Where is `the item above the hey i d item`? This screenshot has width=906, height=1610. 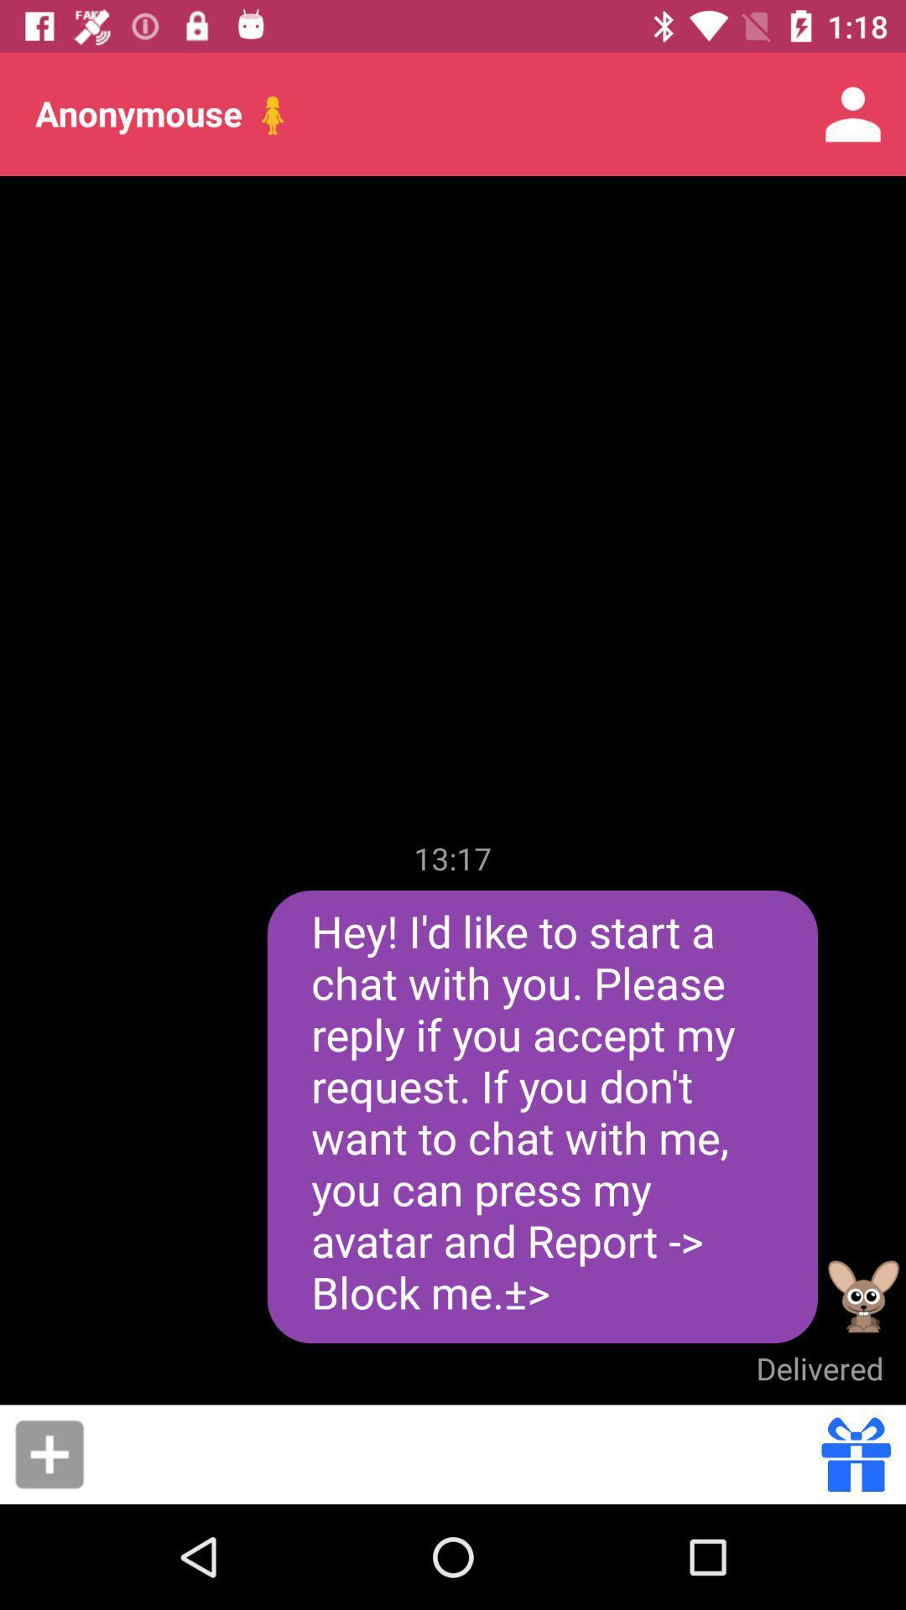 the item above the hey i d item is located at coordinates (453, 858).